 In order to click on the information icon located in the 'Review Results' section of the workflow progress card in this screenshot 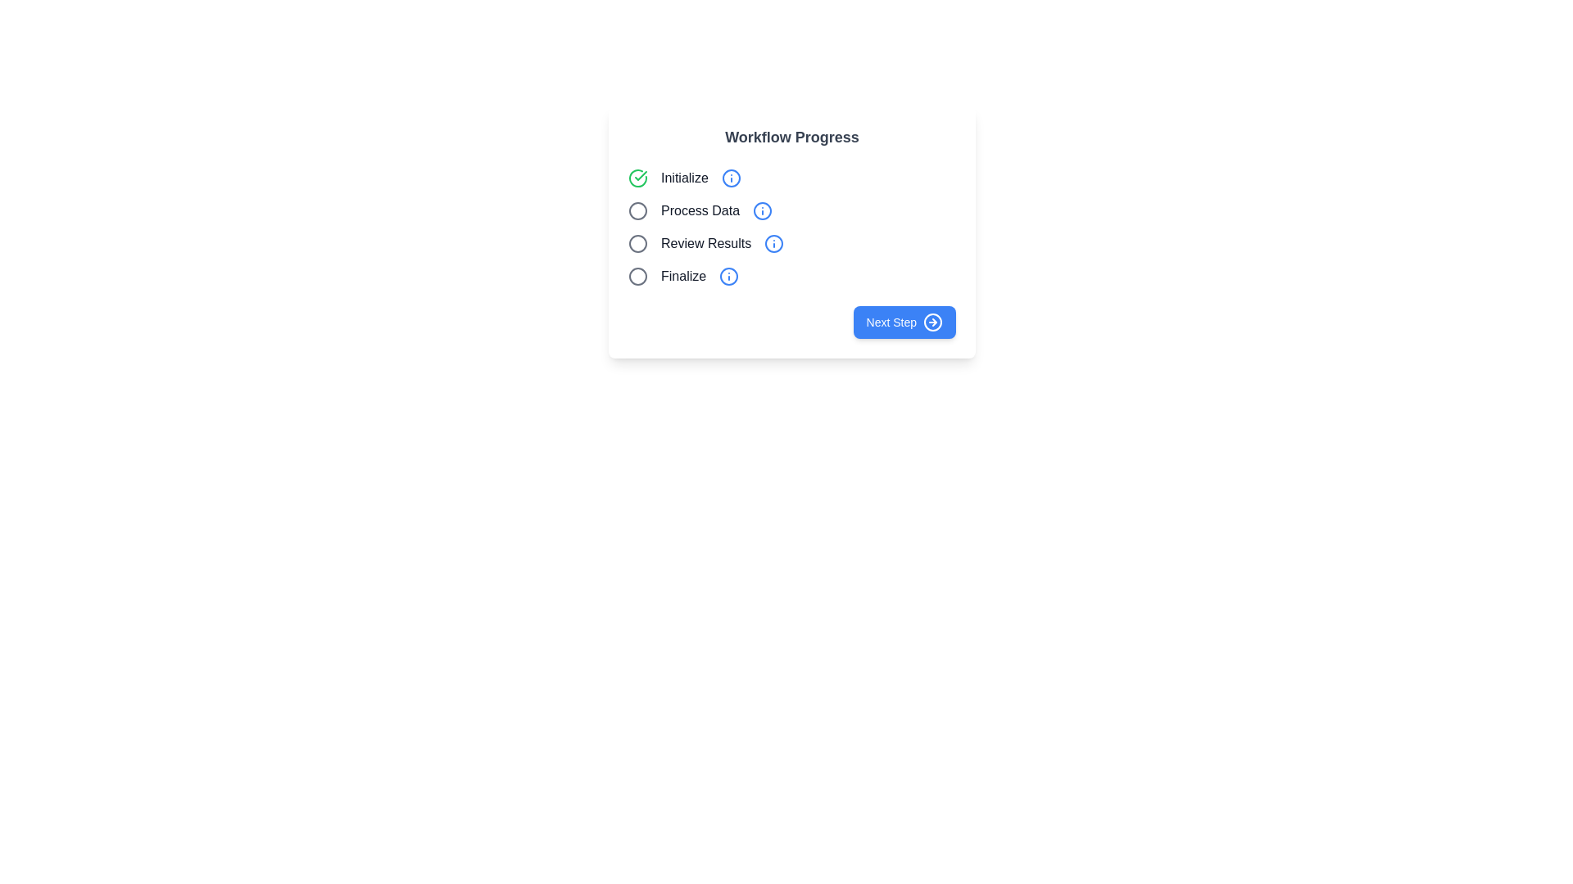, I will do `click(773, 243)`.